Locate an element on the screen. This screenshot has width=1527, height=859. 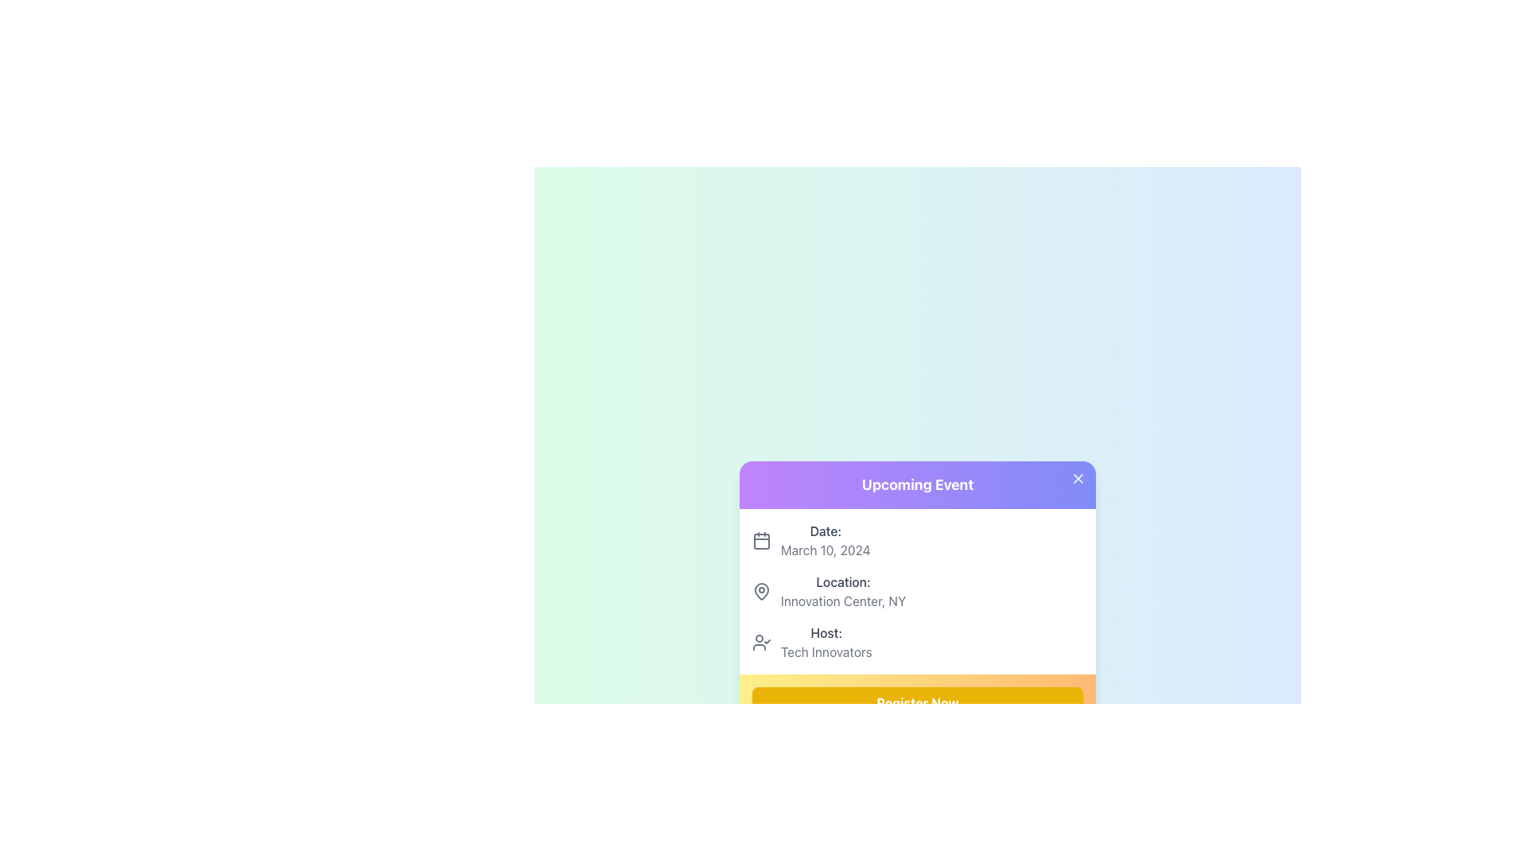
the diagonal line of the cross icon in the top-right corner of the 'Upcoming Event' card, which represents a close or cancel action is located at coordinates (1078, 477).